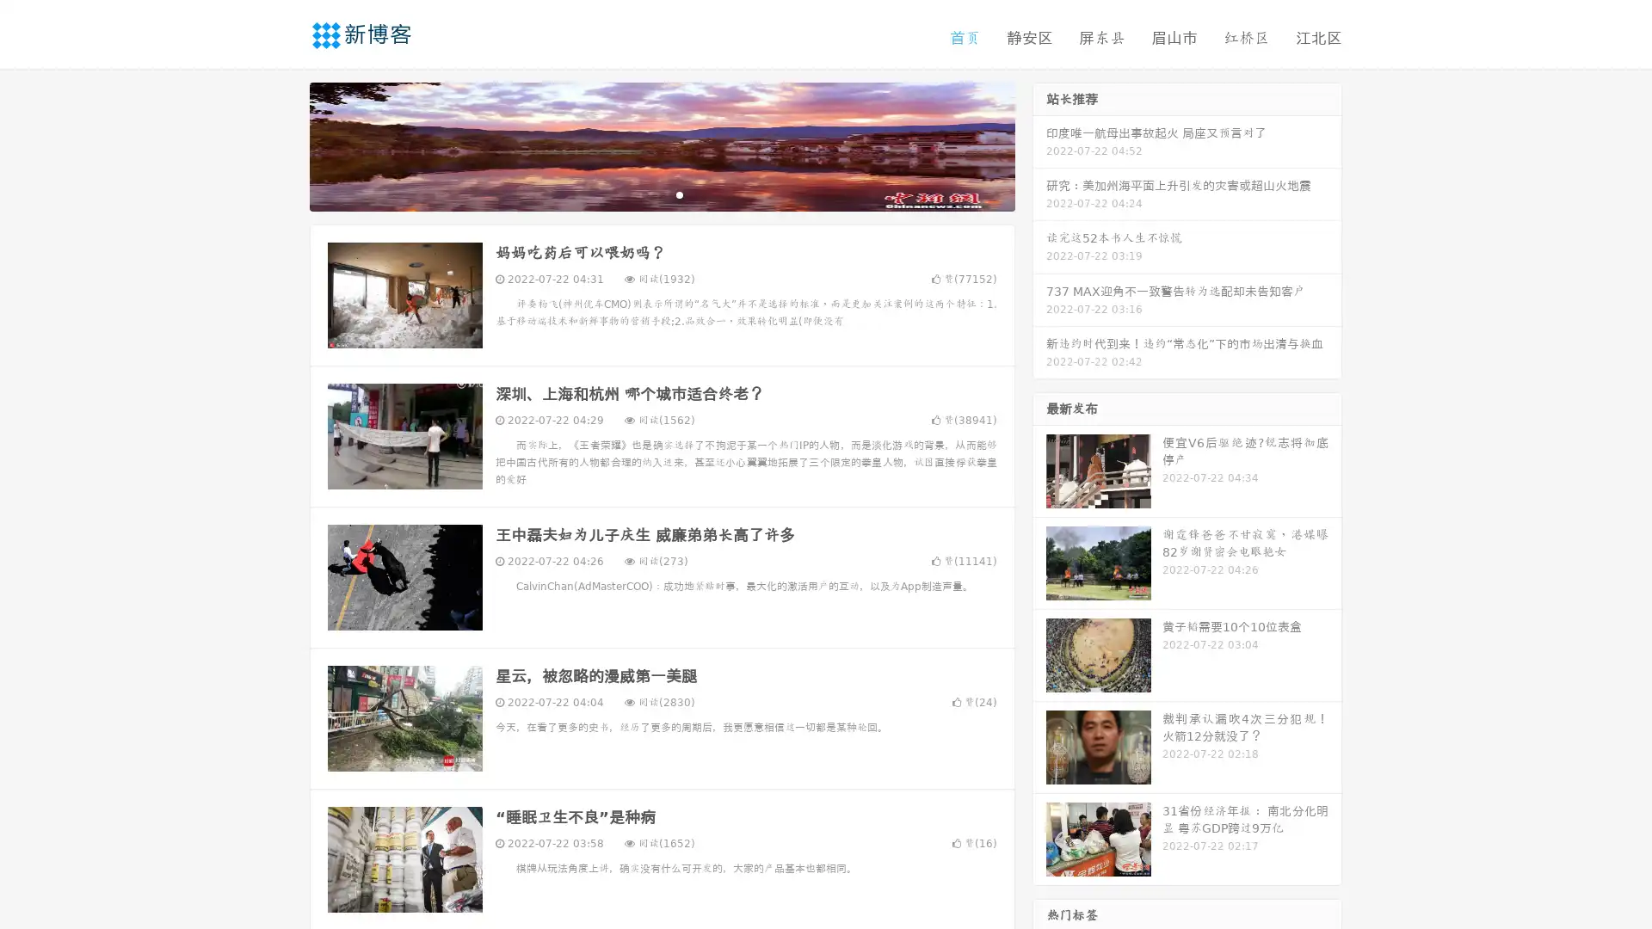 The width and height of the screenshot is (1652, 929). Describe the element at coordinates (644, 194) in the screenshot. I see `Go to slide 1` at that location.